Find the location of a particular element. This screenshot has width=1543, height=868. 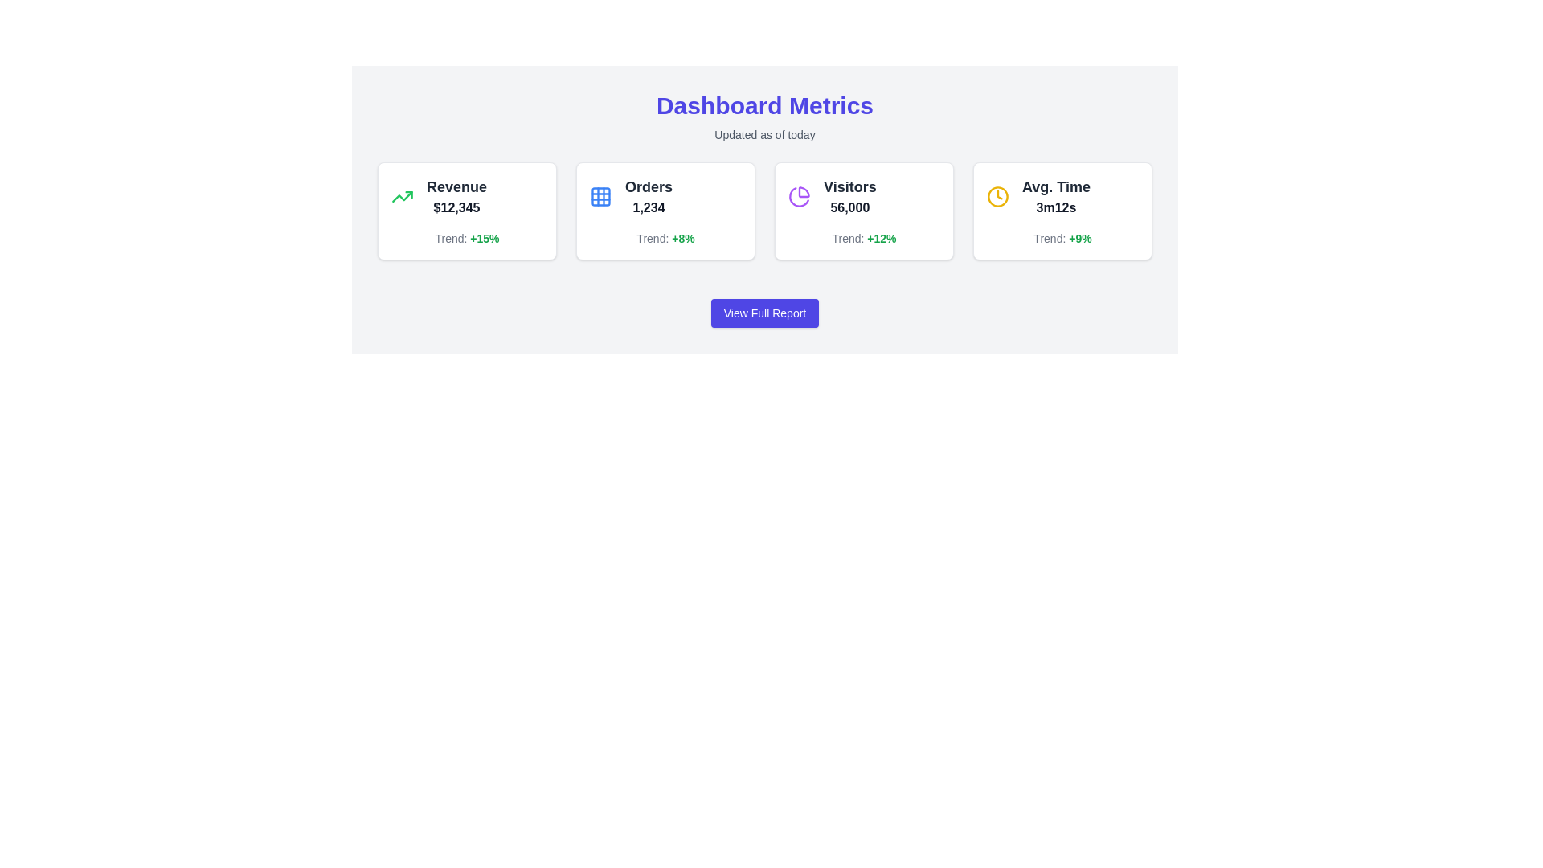

text content of the 'Avg. Time' label, which is displayed in bold and large font at the top of a card, positioned above the time value '3m12s' is located at coordinates (1056, 186).